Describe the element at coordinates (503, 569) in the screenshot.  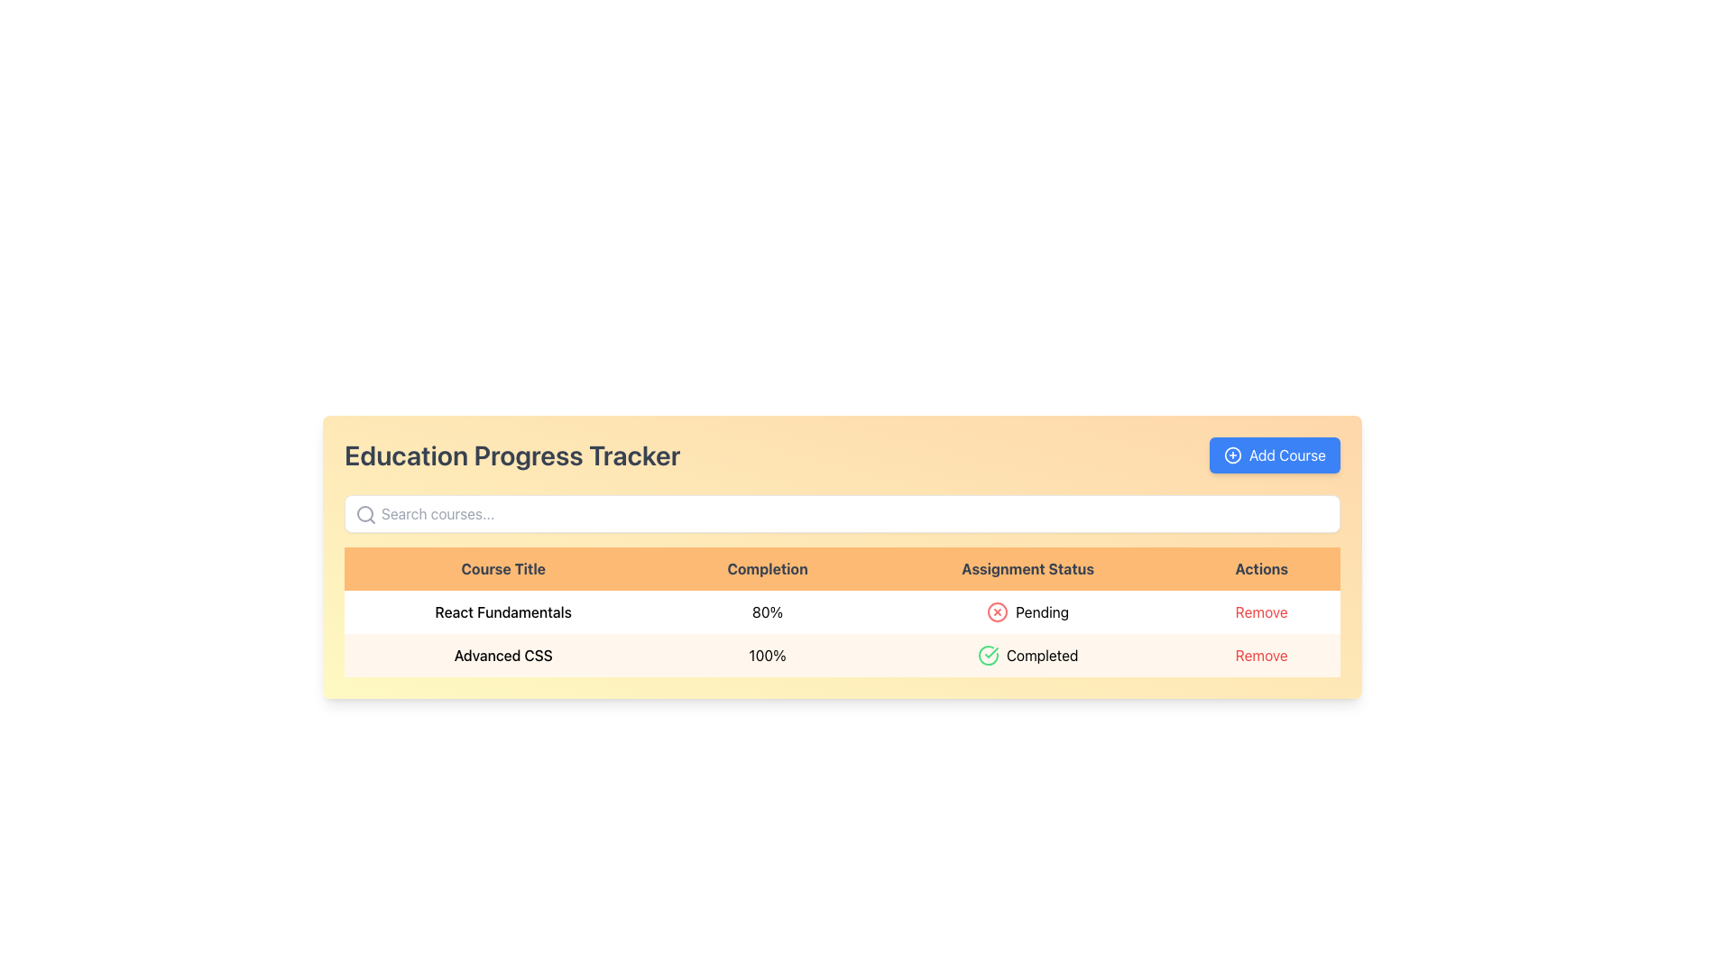
I see `the static text label 'Course Title' which is styled boldly against a light orange background and is the first column header in the table's header row` at that location.